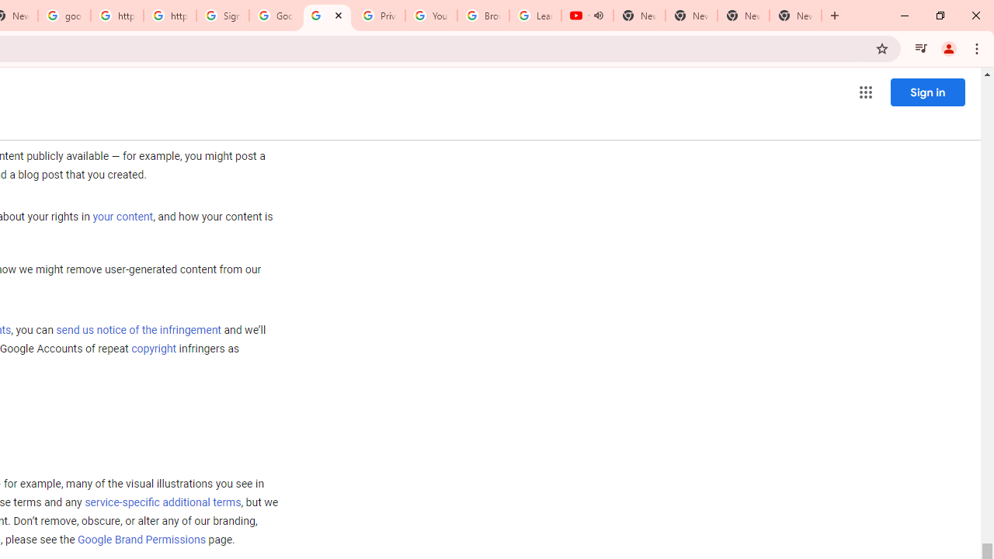 This screenshot has height=559, width=994. I want to click on 'service-specific additional terms', so click(162, 503).